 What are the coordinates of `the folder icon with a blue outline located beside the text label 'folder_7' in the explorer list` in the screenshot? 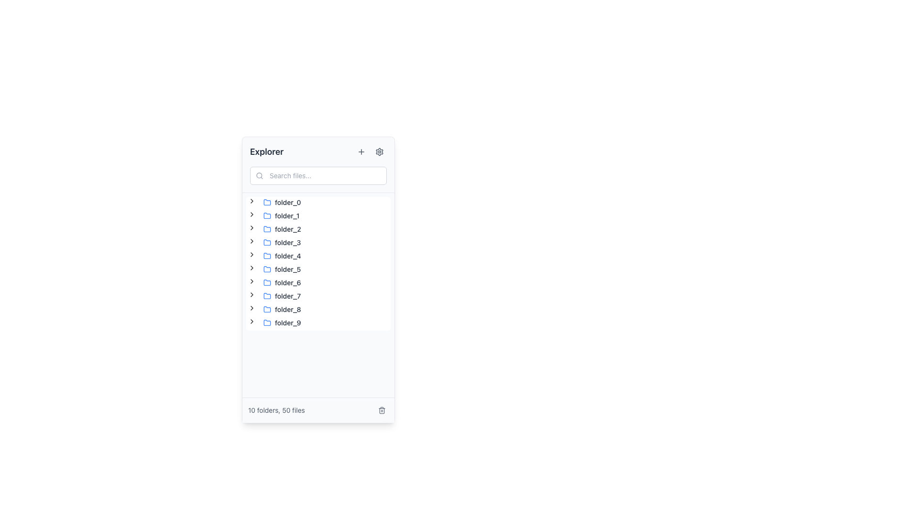 It's located at (267, 296).